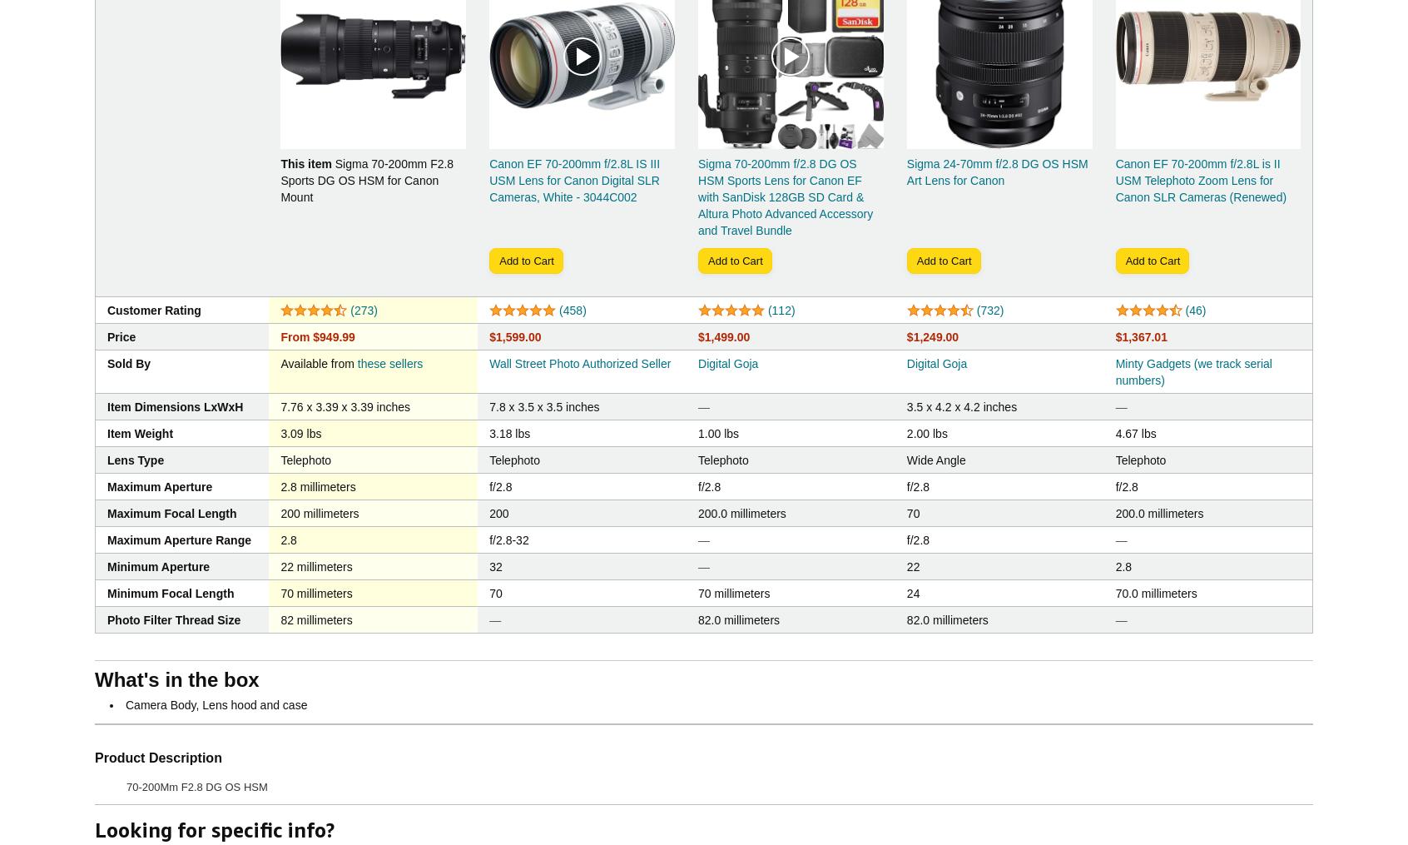 The width and height of the screenshot is (1408, 845). What do you see at coordinates (125, 786) in the screenshot?
I see `'70-200Mm F2.8 DG OS HSM'` at bounding box center [125, 786].